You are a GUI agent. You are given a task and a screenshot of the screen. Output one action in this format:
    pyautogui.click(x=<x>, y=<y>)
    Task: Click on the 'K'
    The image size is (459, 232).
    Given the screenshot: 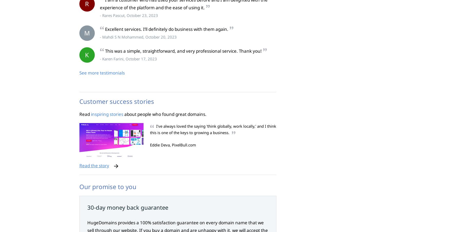 What is the action you would take?
    pyautogui.click(x=87, y=55)
    